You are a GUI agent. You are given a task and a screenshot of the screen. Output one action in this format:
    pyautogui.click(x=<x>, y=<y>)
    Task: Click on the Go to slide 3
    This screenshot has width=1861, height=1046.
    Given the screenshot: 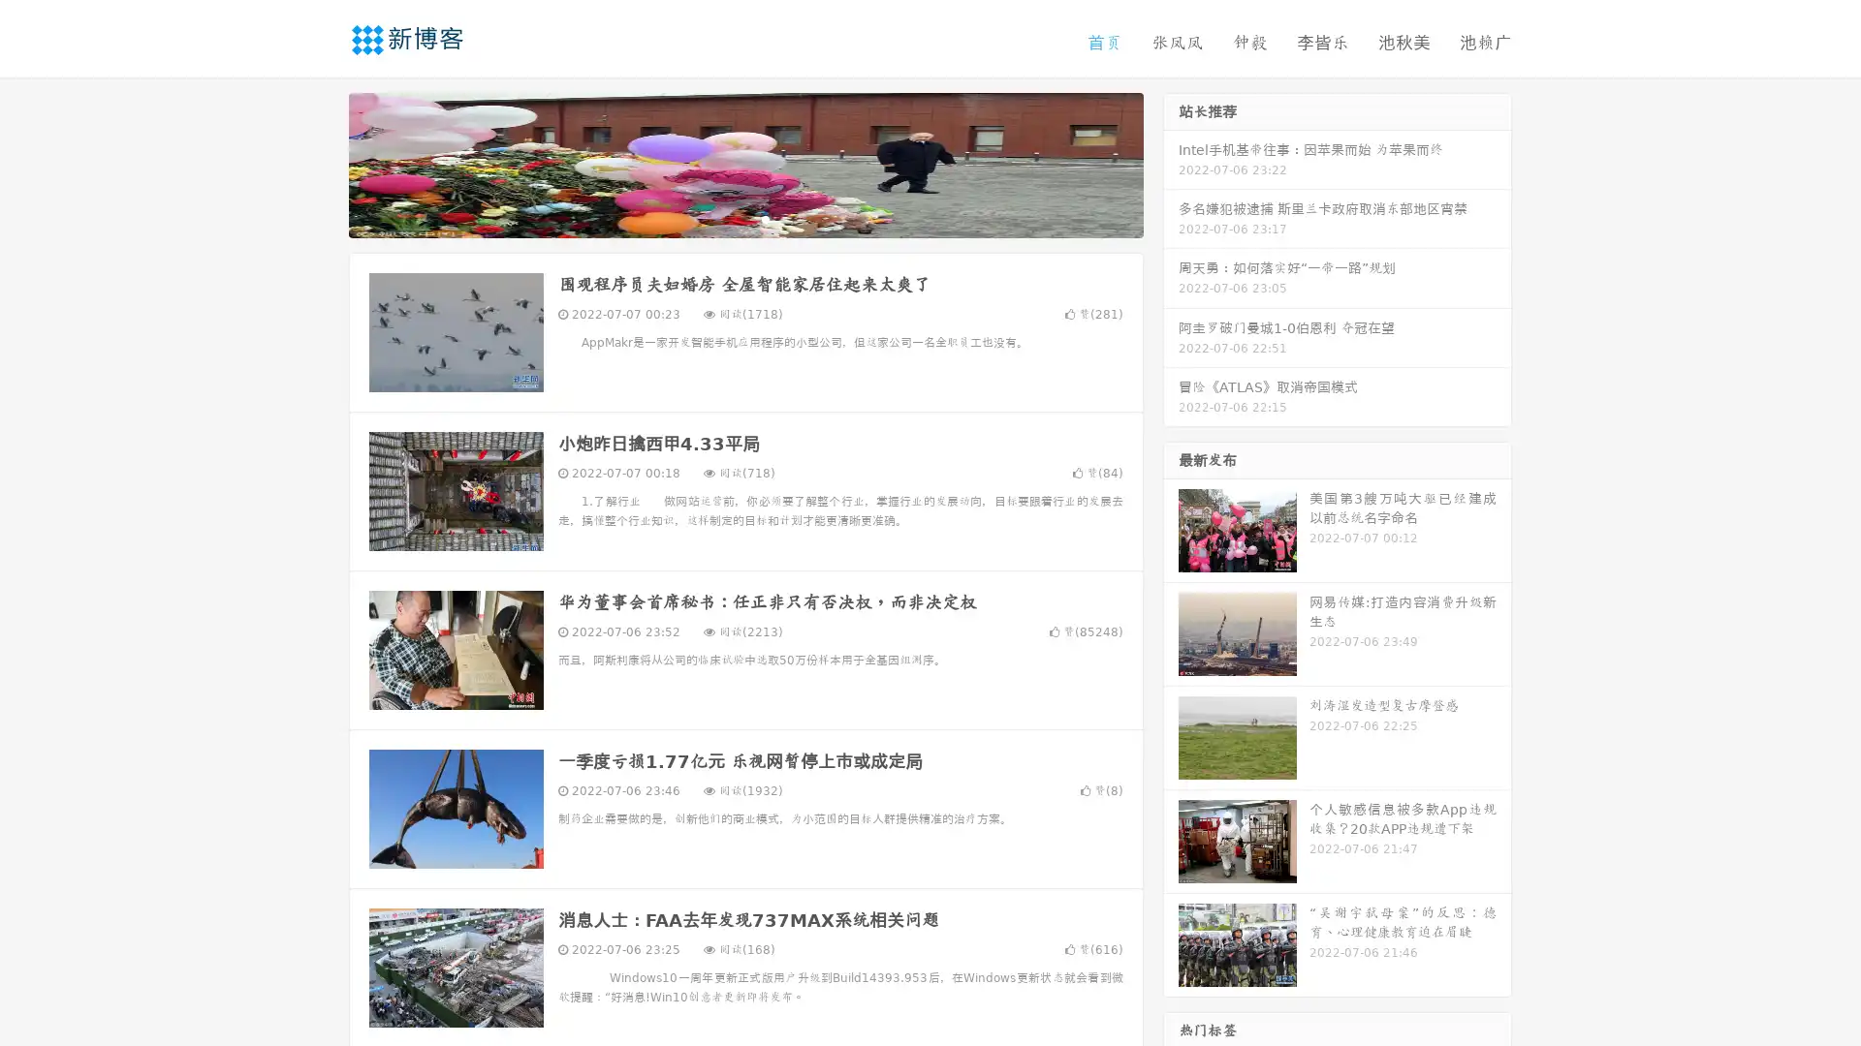 What is the action you would take?
    pyautogui.click(x=765, y=218)
    